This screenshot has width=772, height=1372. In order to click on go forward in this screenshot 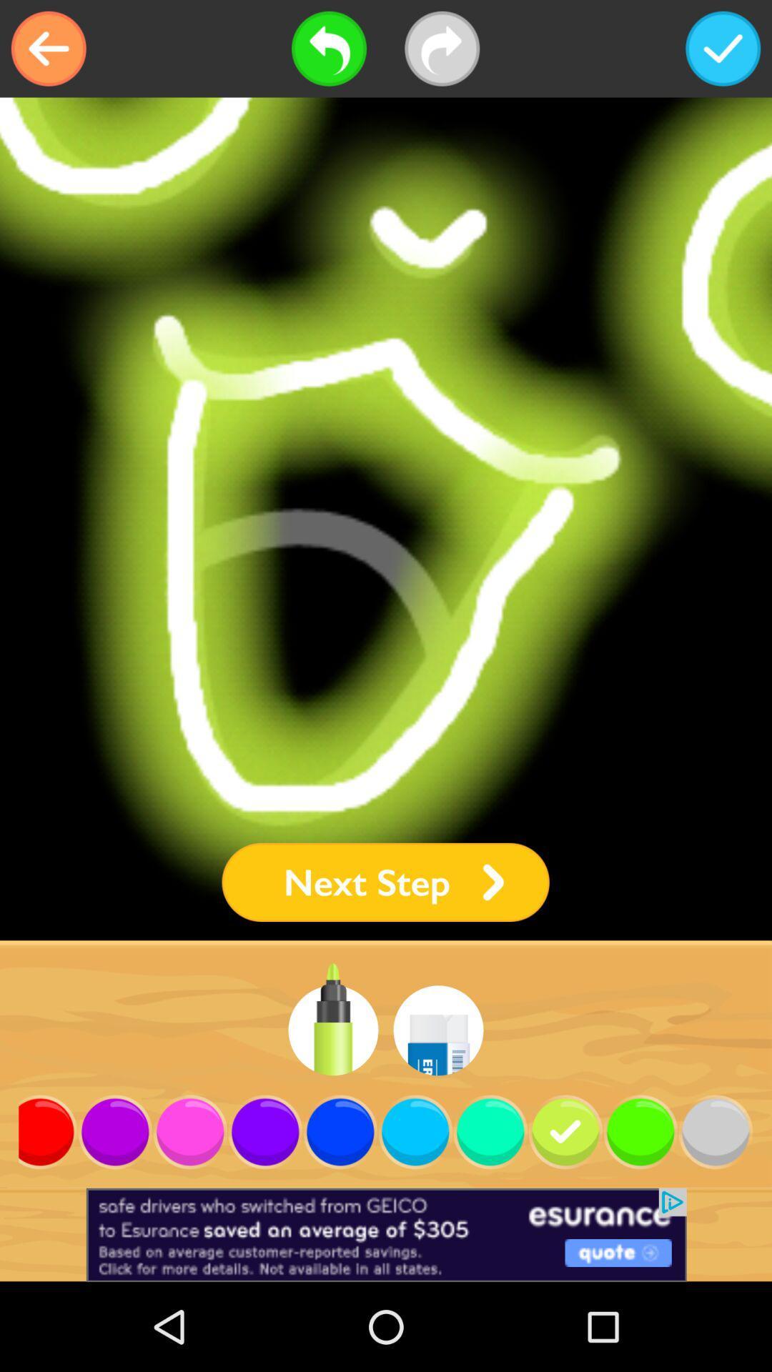, I will do `click(441, 49)`.